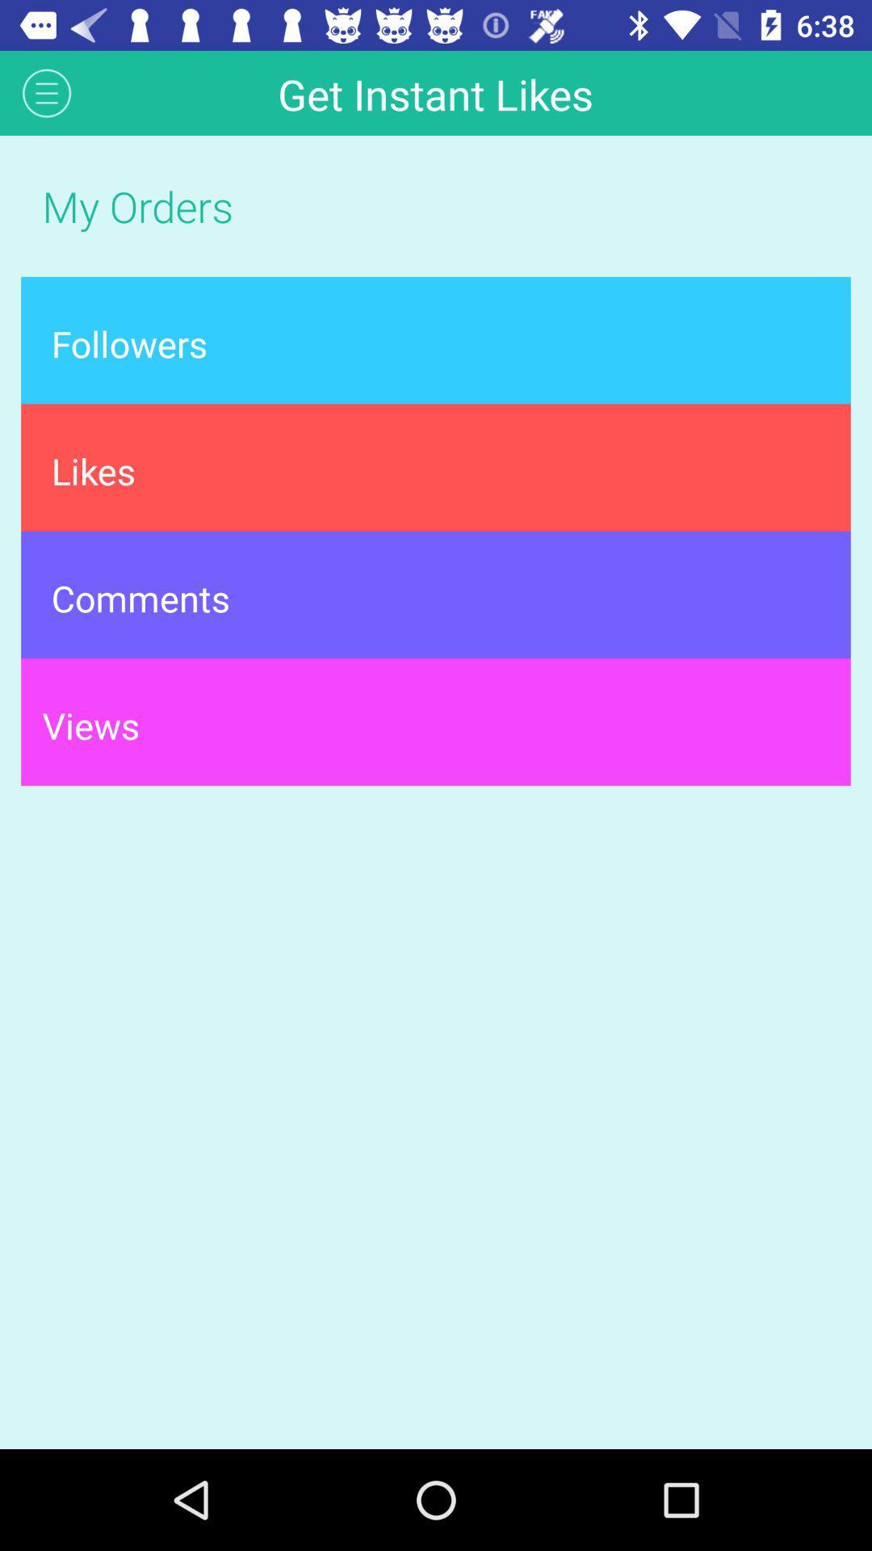  I want to click on the menu icon, so click(46, 92).